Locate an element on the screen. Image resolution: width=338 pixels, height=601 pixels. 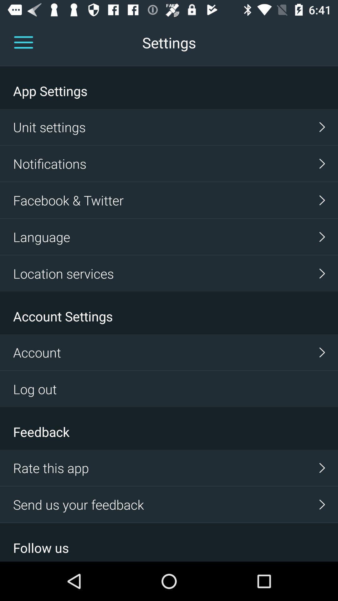
option menu is located at coordinates (23, 42).